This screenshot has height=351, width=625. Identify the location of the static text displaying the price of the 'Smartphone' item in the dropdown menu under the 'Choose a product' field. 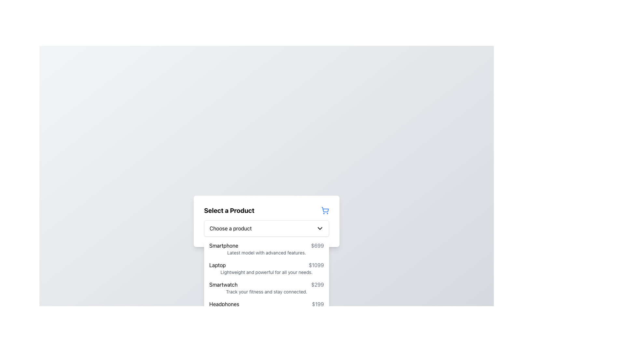
(317, 246).